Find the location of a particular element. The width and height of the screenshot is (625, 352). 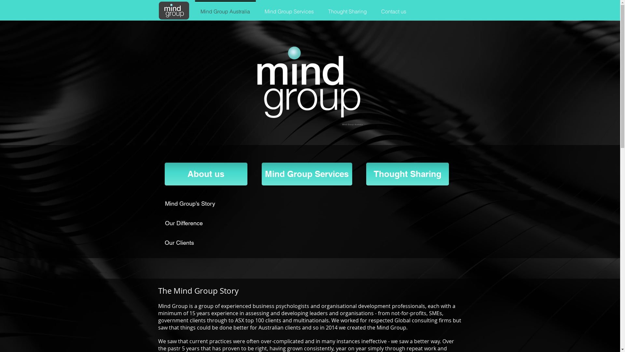

'Mind Group's Story' is located at coordinates (195, 203).